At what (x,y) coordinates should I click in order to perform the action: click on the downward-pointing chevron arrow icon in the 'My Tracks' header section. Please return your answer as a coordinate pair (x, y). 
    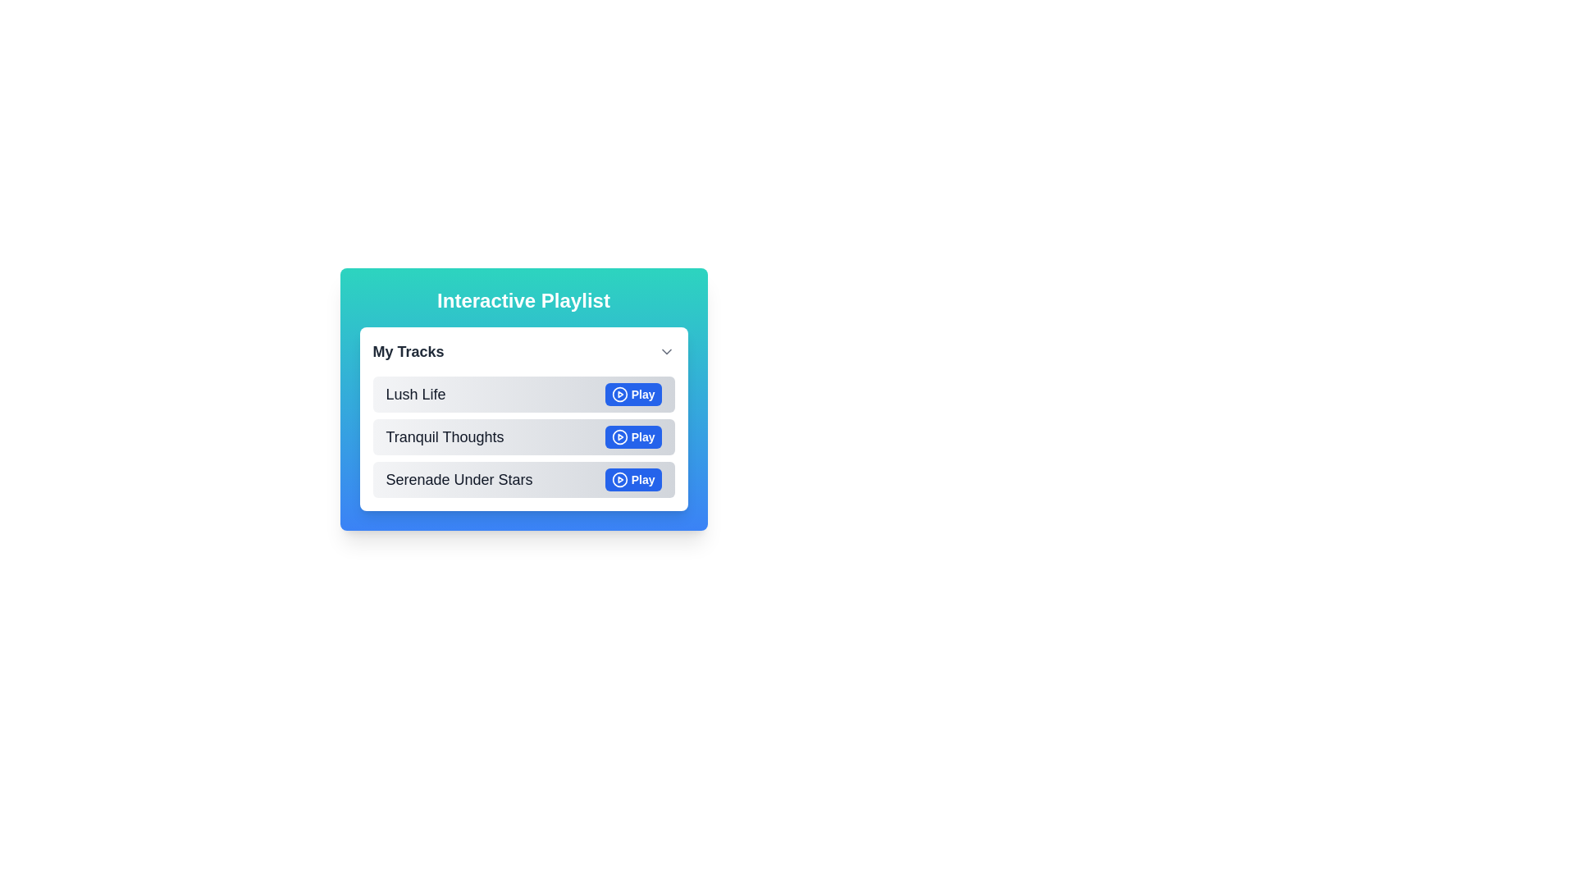
    Looking at the image, I should click on (666, 350).